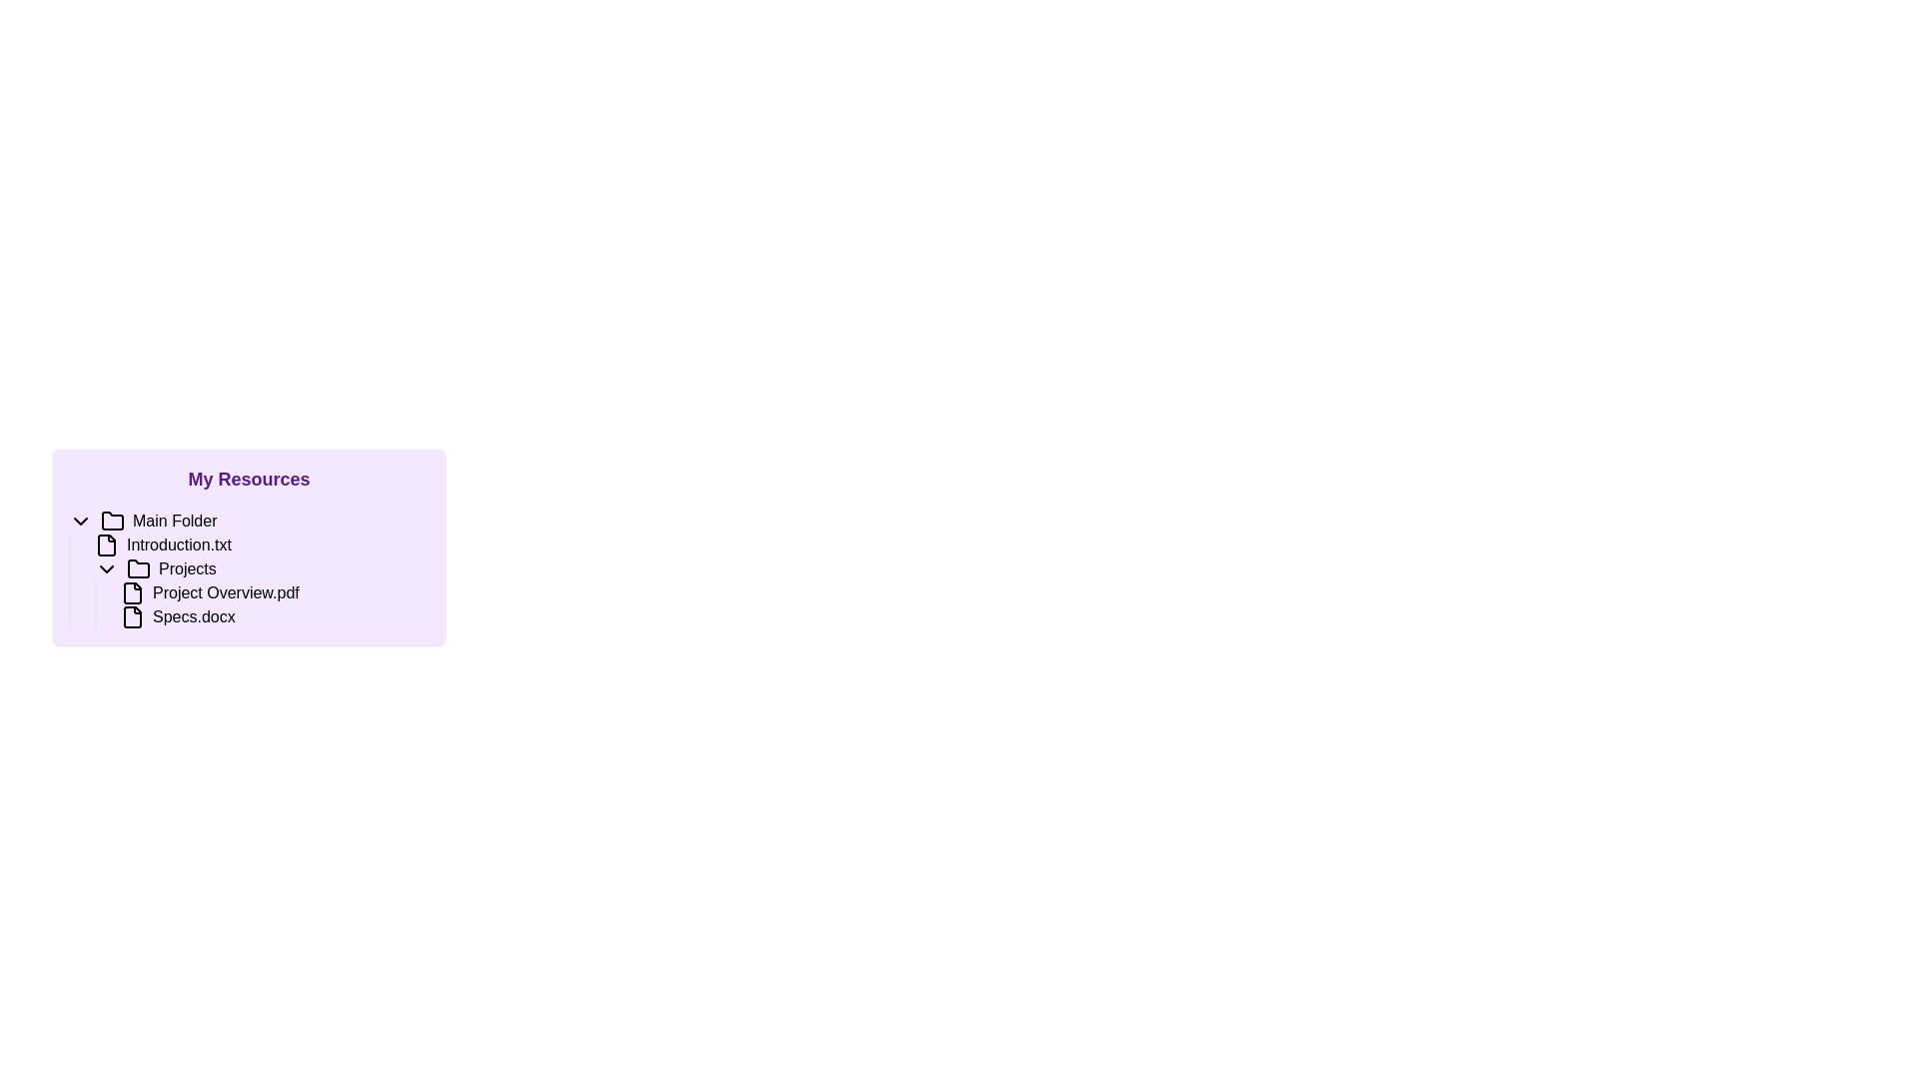 The width and height of the screenshot is (1918, 1079). Describe the element at coordinates (138, 569) in the screenshot. I see `the folder icon, which is outlined in black and located slightly to the right of the 'Projects' text in the 'My Resources' section` at that location.